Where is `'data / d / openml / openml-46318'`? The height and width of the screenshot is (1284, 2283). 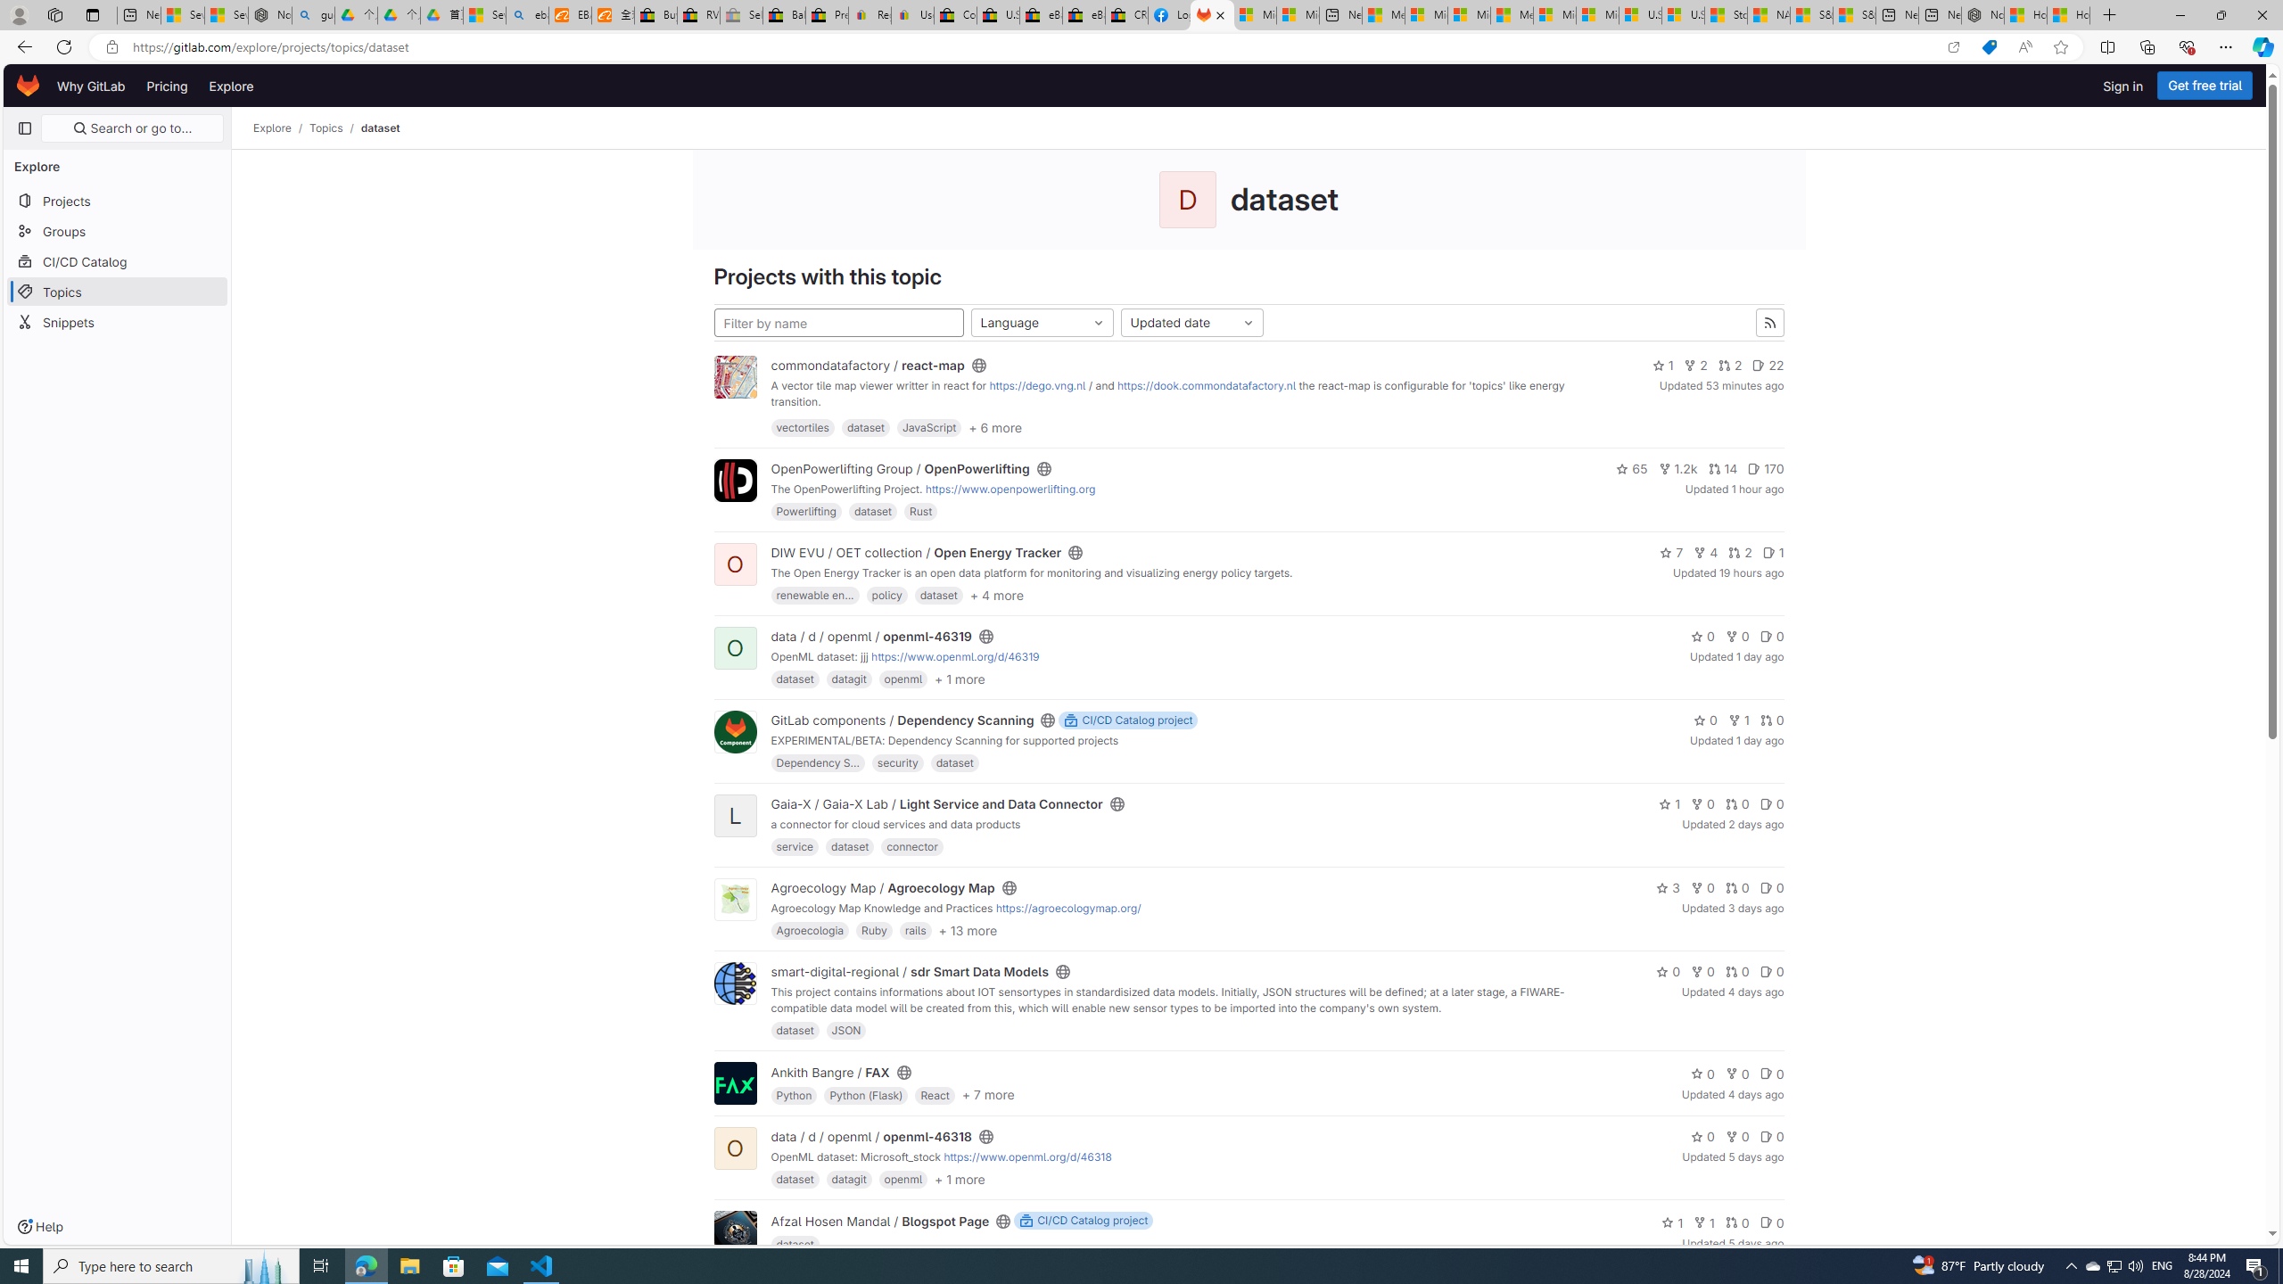
'data / d / openml / openml-46318' is located at coordinates (871, 1137).